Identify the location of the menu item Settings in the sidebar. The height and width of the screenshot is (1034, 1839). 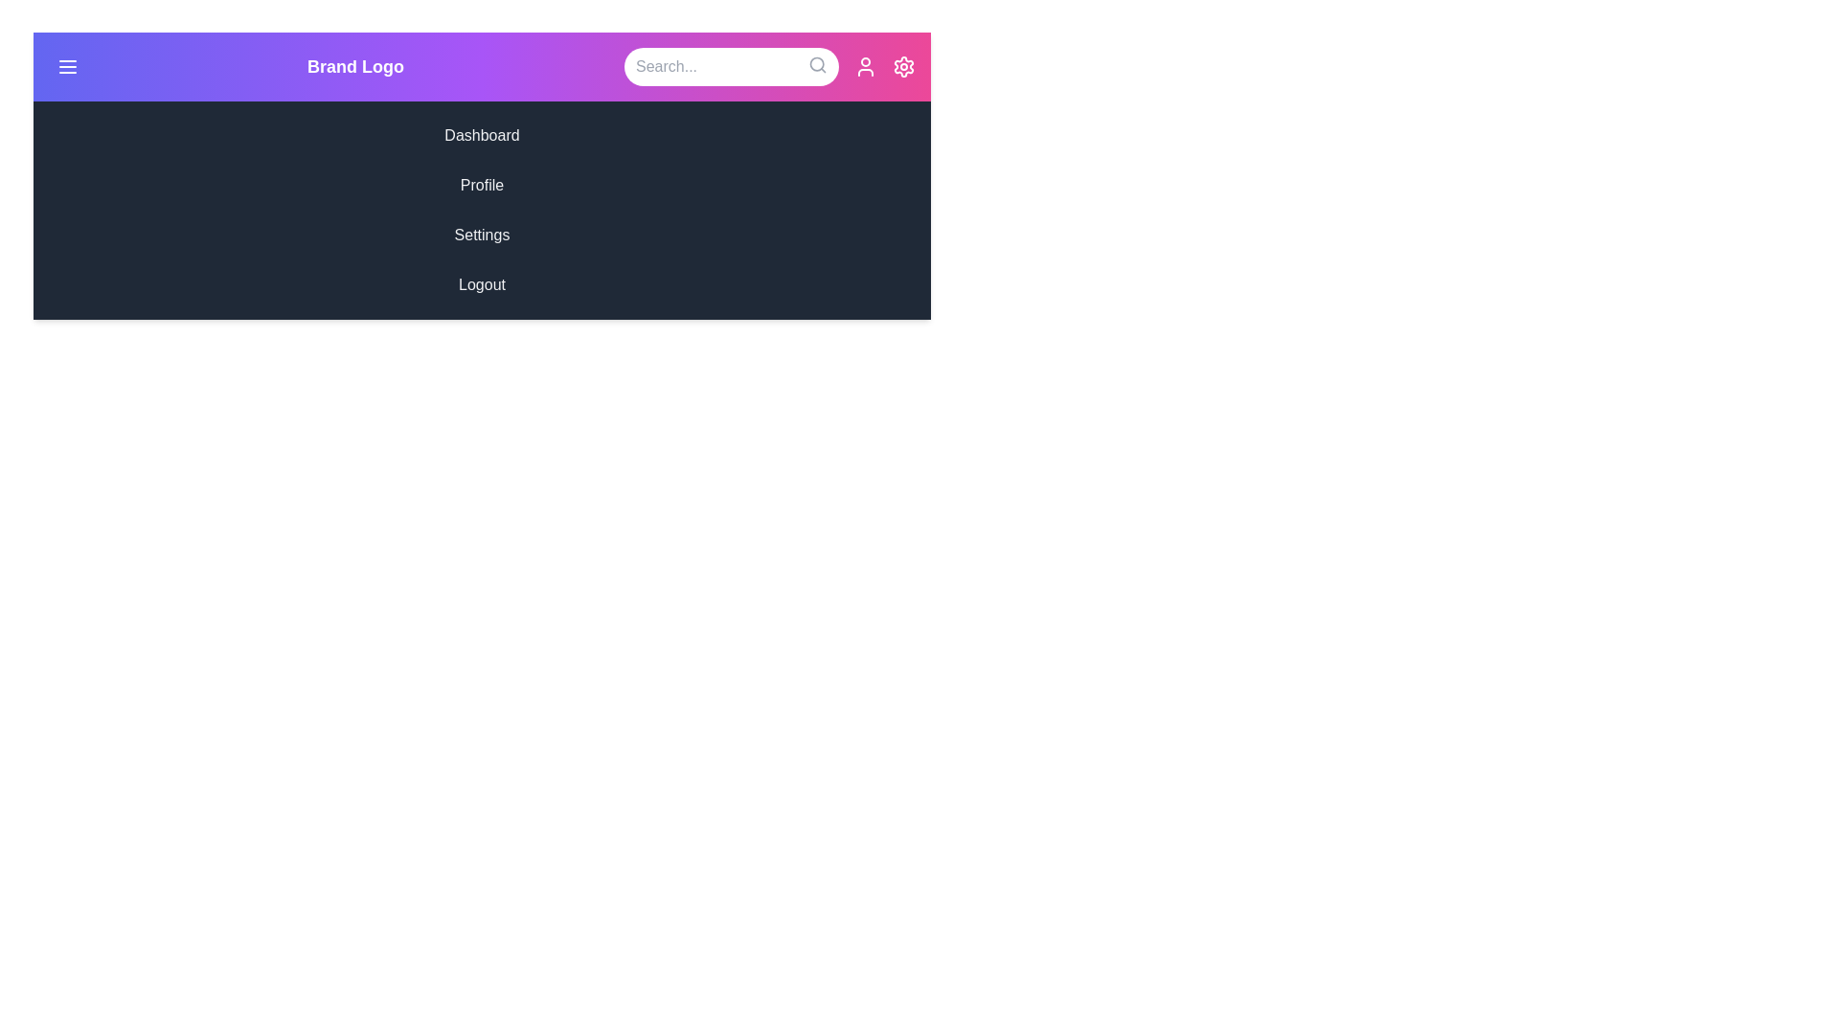
(482, 235).